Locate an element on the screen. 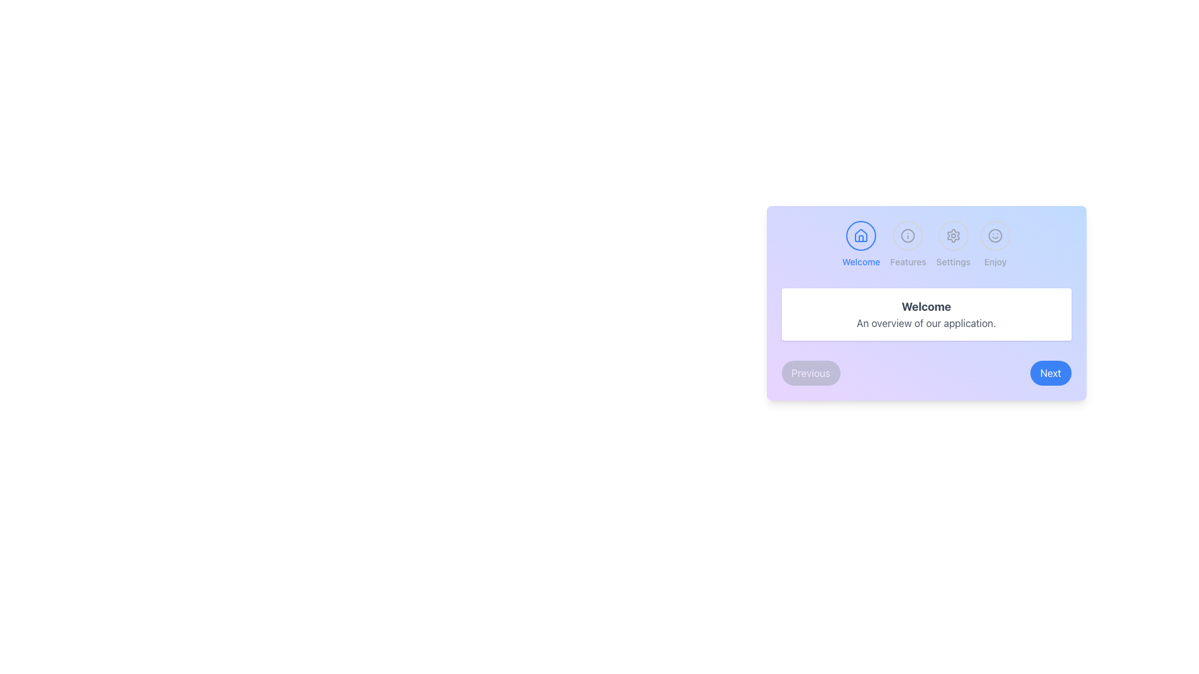 The image size is (1199, 674). the circular button with a blue border and house icon located at the top of the interface, directly above the 'Welcome' label to highlight it is located at coordinates (861, 236).